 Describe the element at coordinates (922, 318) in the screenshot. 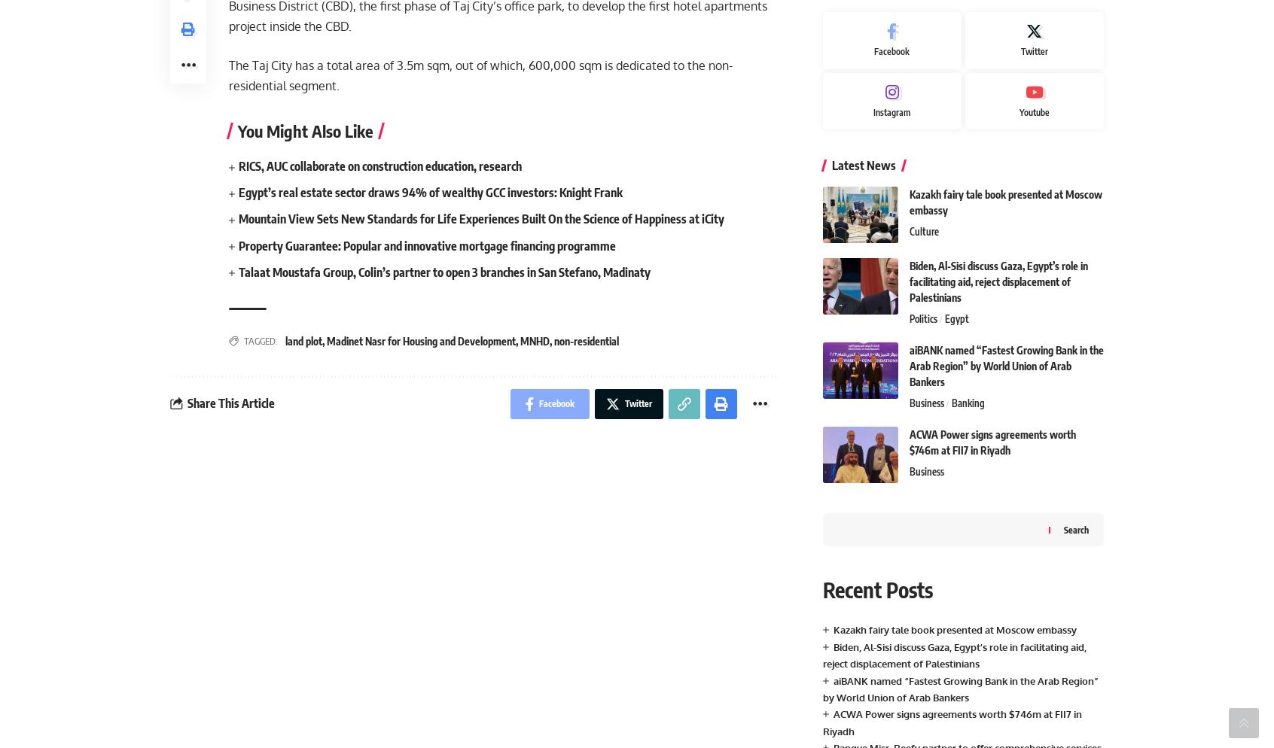

I see `'Politics'` at that location.